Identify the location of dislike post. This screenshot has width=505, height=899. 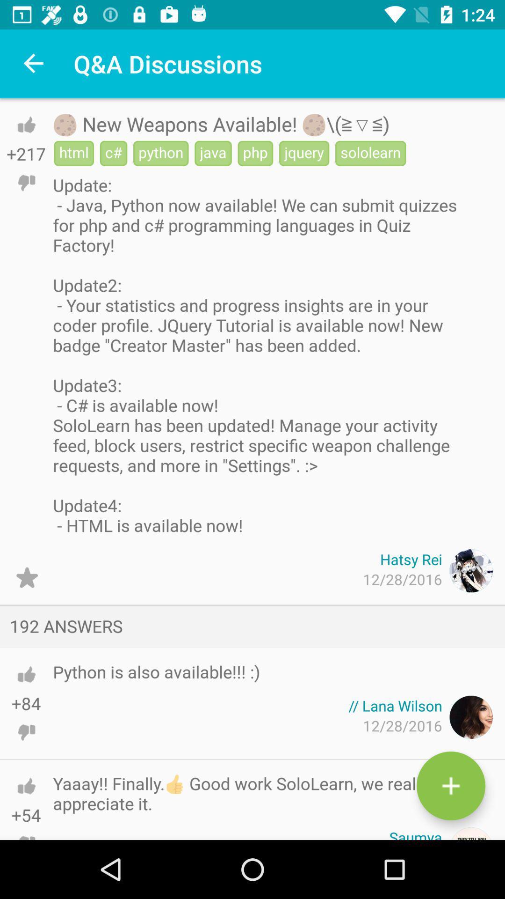
(26, 183).